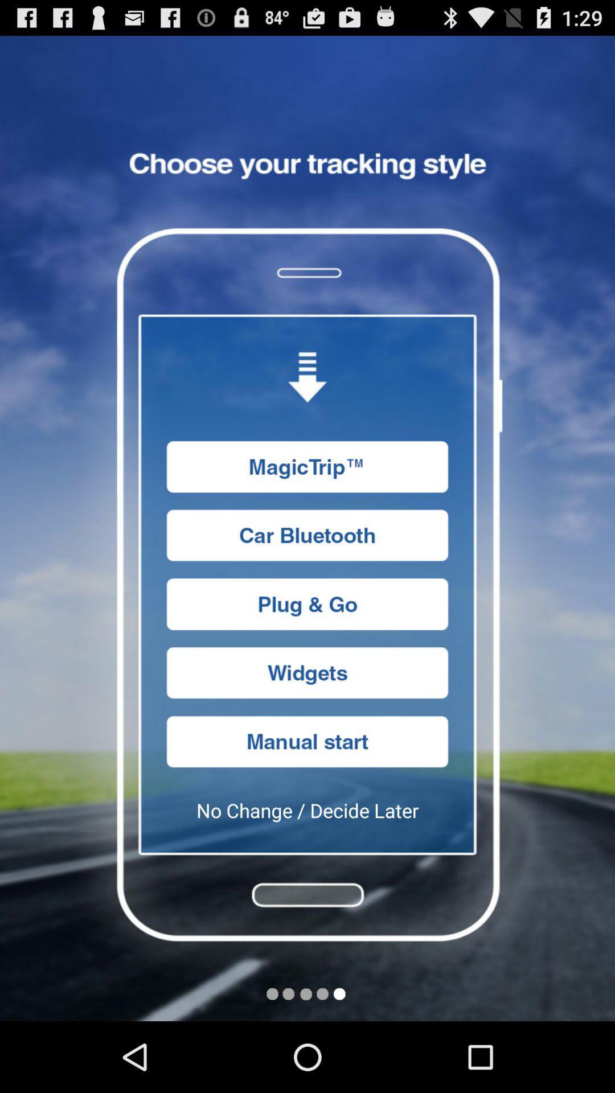 This screenshot has height=1093, width=615. I want to click on tap a feature, so click(307, 603).